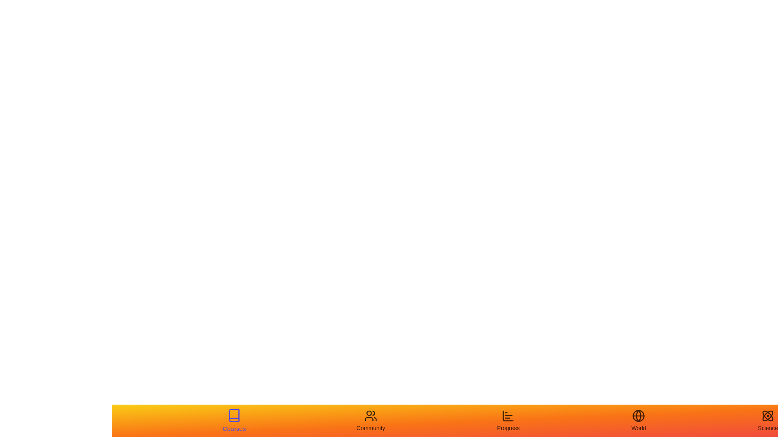  I want to click on the World tab to view its hover effect, so click(638, 420).